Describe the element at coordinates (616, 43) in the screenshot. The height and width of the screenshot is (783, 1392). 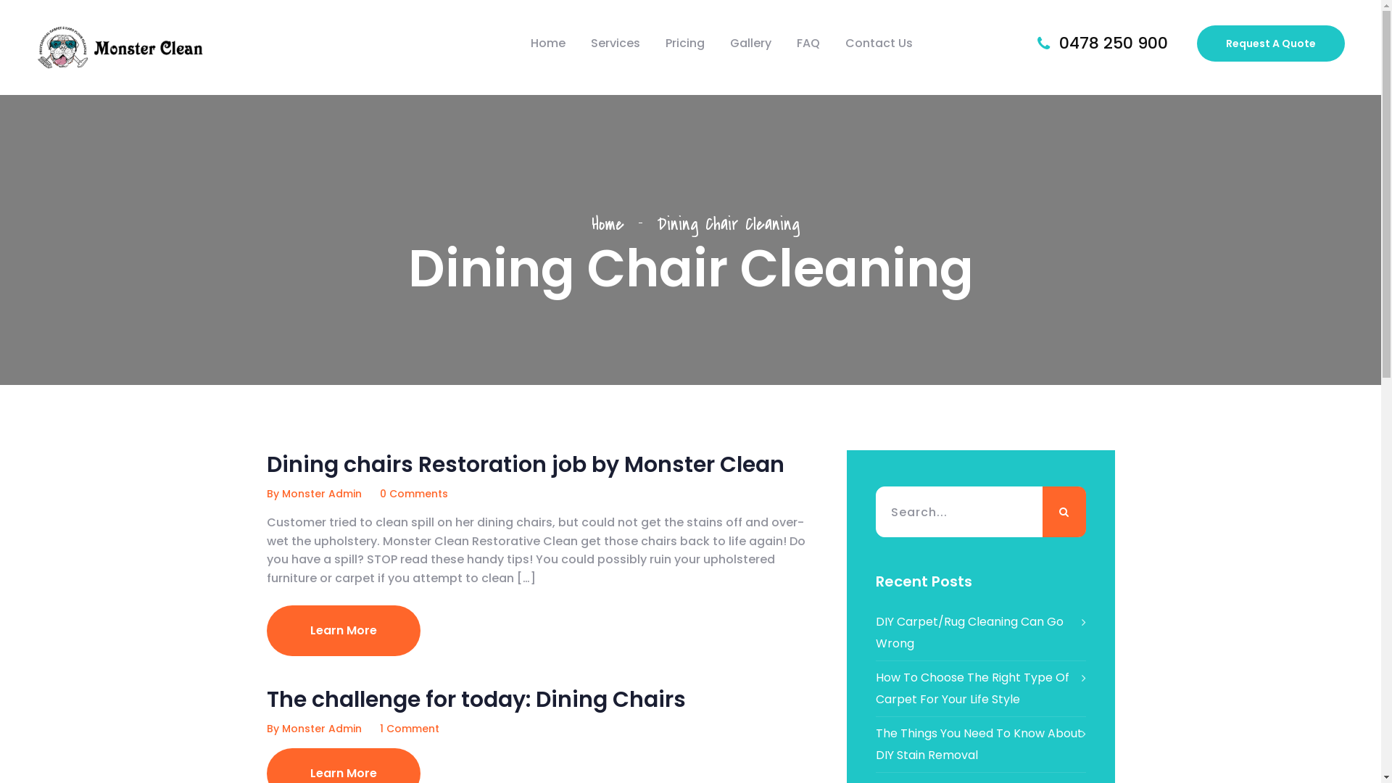
I see `'Services'` at that location.